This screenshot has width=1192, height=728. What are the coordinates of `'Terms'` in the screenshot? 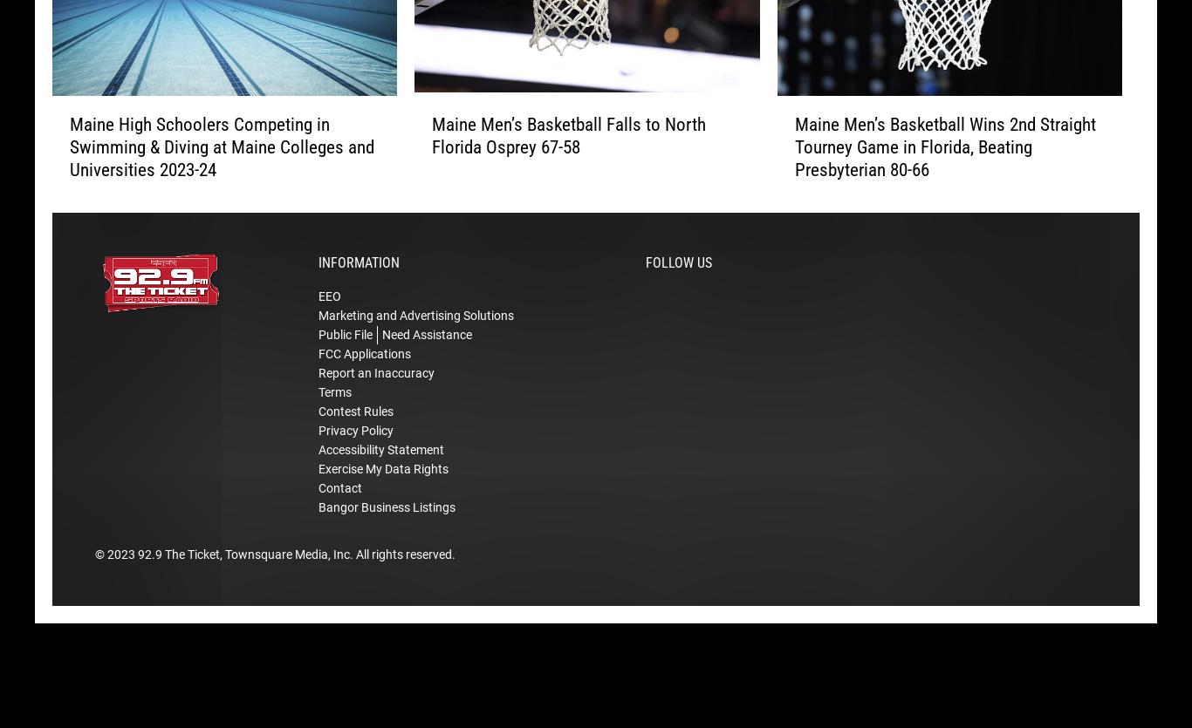 It's located at (333, 418).